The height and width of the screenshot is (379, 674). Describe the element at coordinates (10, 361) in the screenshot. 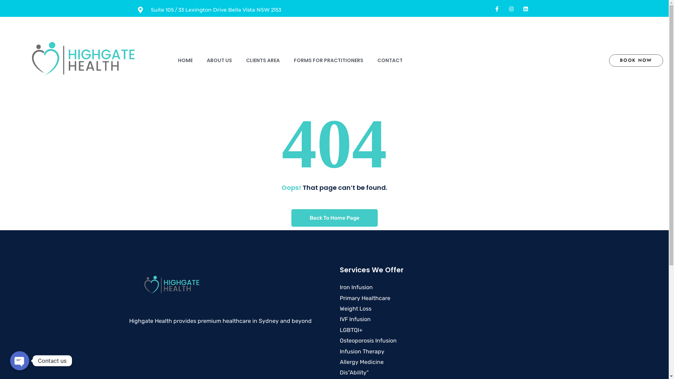

I see `'Open chaty'` at that location.